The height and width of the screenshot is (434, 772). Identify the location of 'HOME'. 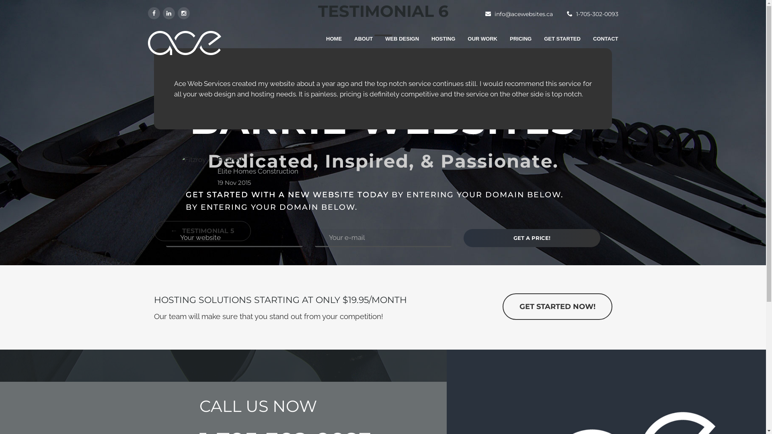
(328, 43).